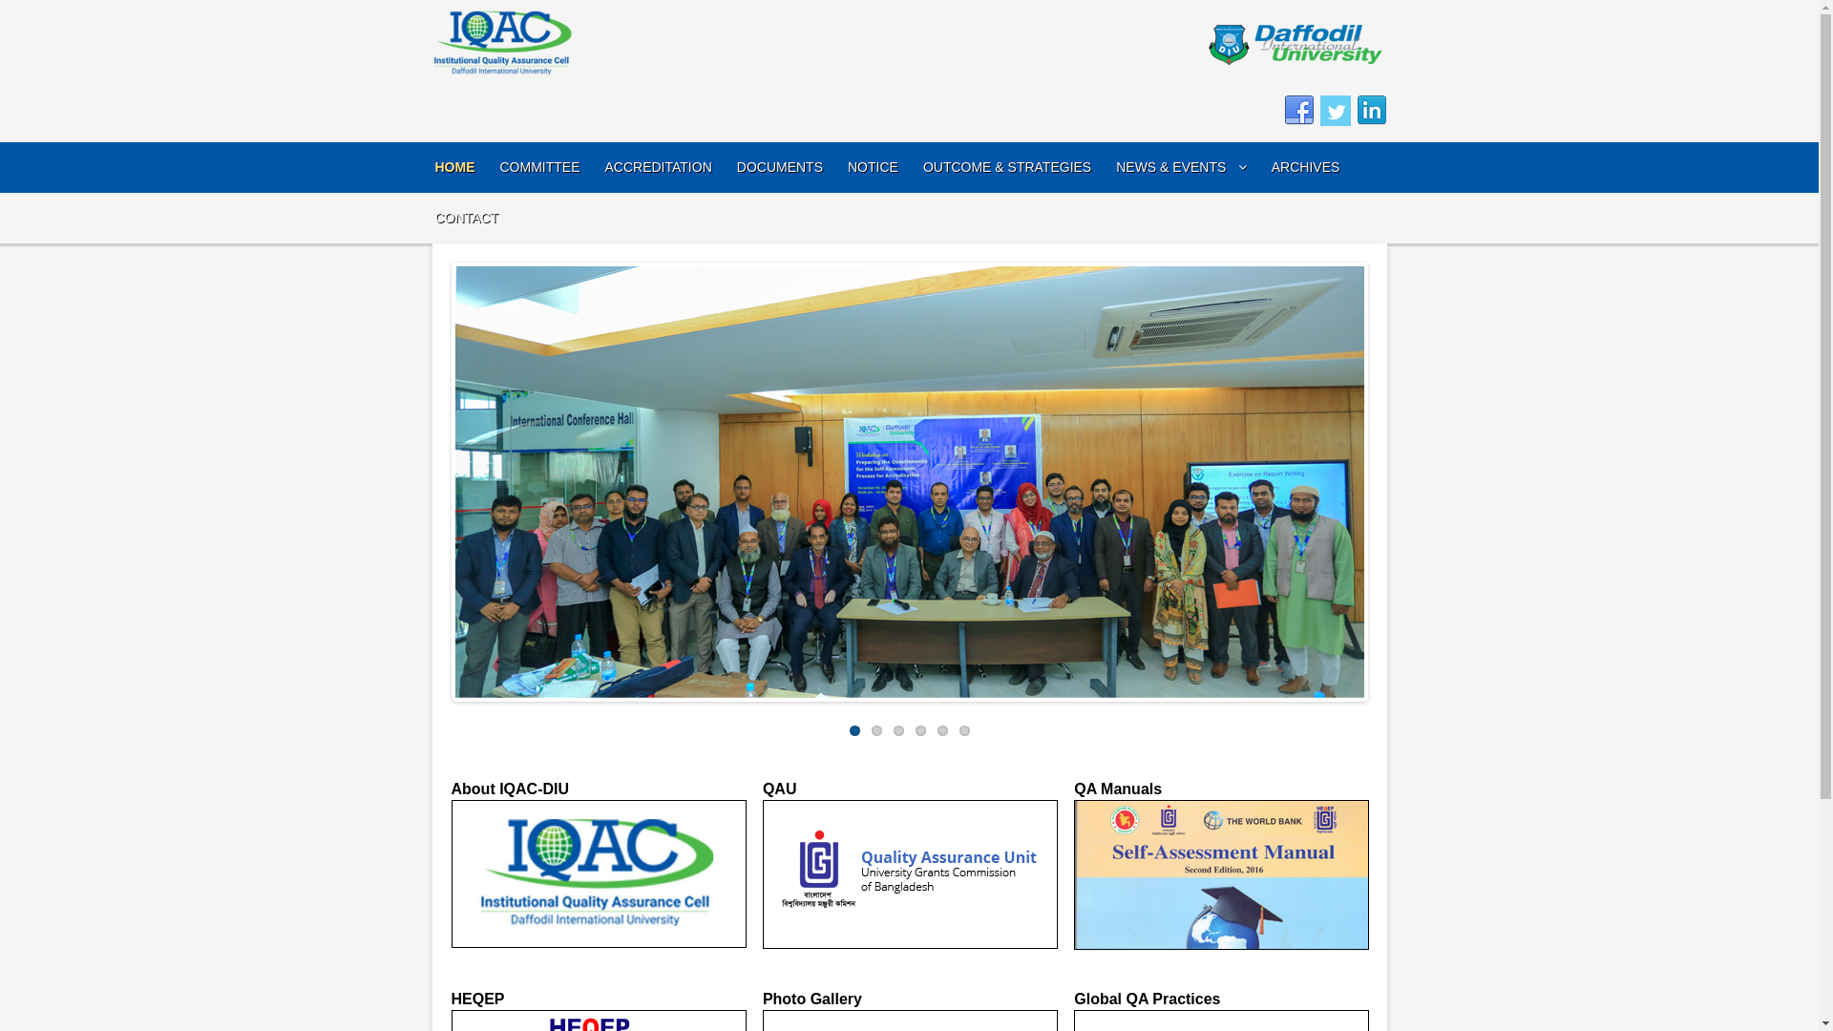 This screenshot has width=1833, height=1031. Describe the element at coordinates (958, 730) in the screenshot. I see `'6'` at that location.